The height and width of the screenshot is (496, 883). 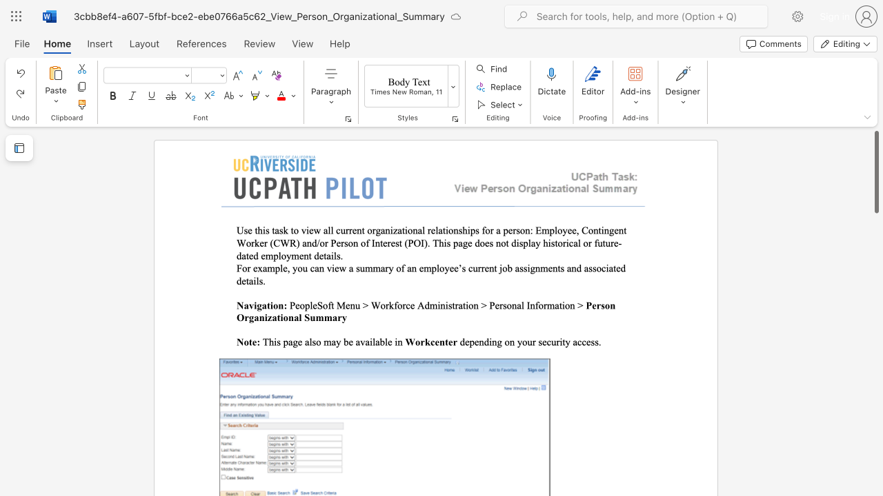 I want to click on the subset text "ple, you can view a summary of an employee’s current job assignments a" within the text "For example, you can view a summary of an employee’s current job assignments and associated details.", so click(x=275, y=268).